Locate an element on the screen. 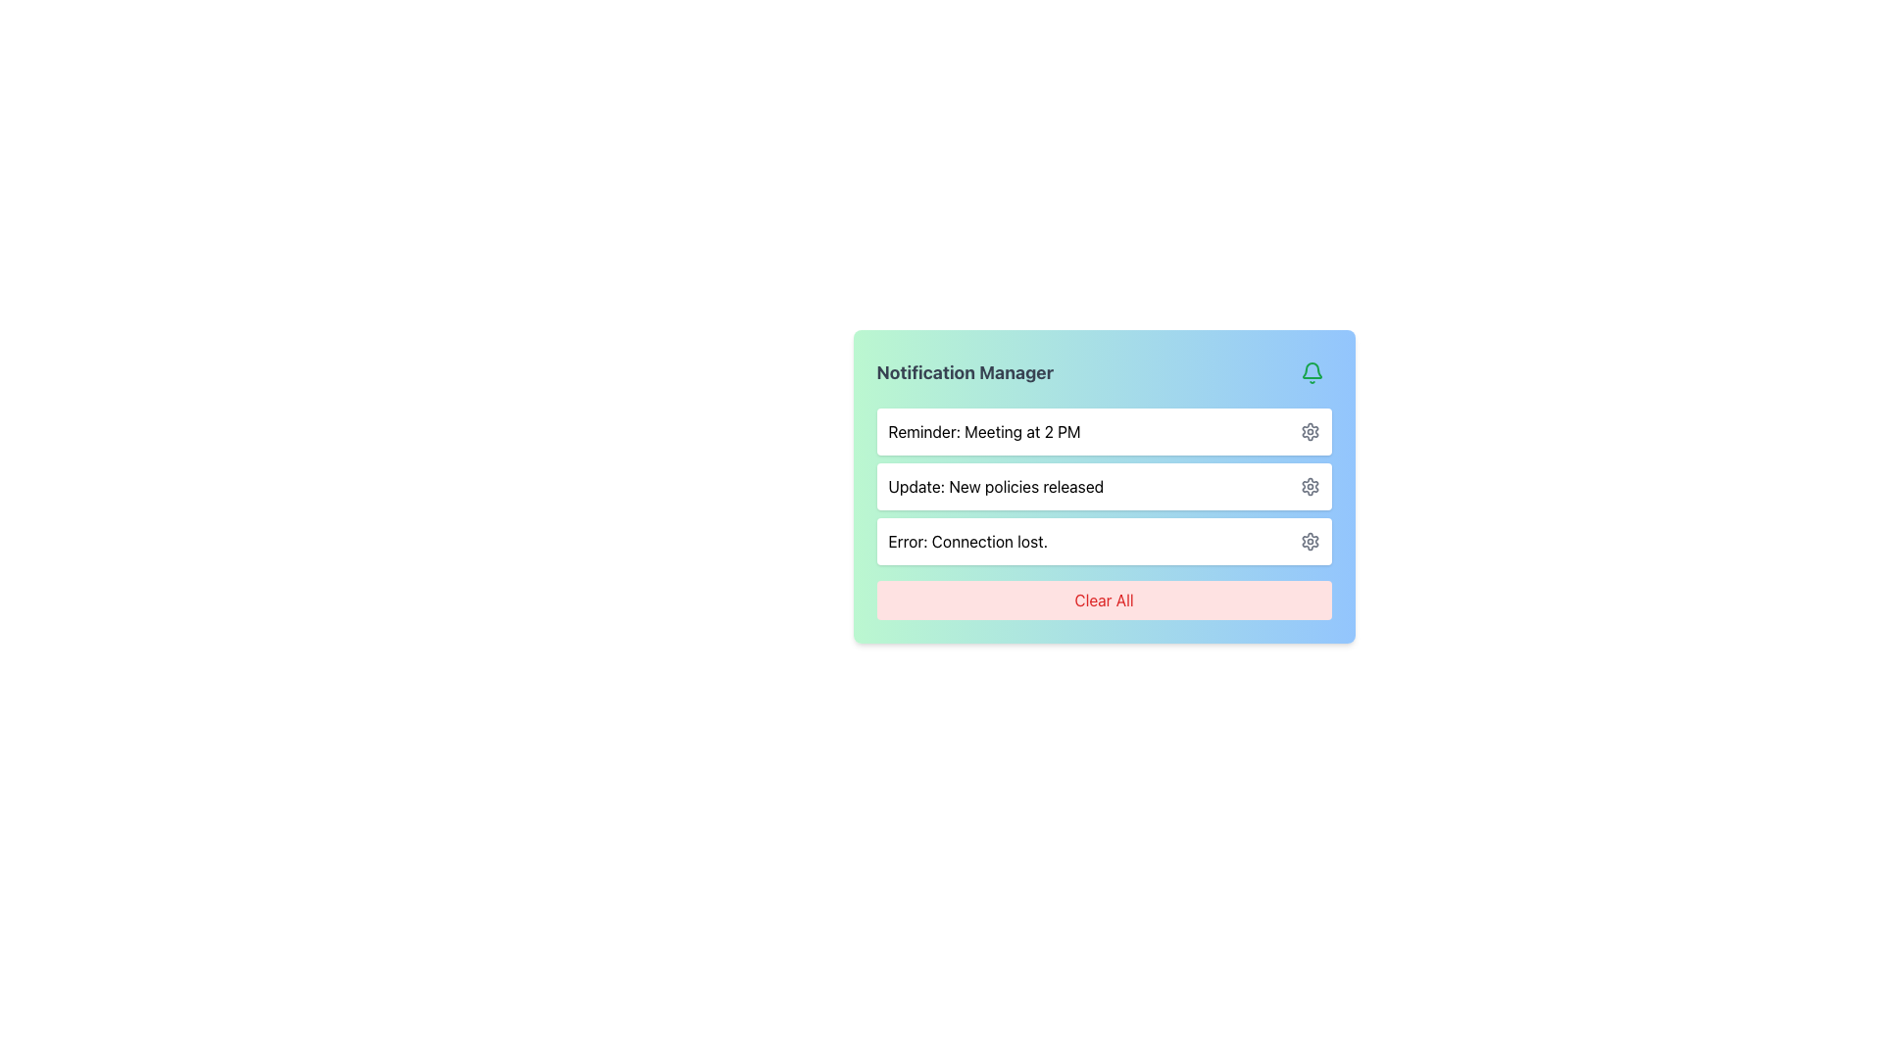 The image size is (1882, 1058). the small, rounded green button with a bell icon located at the top-right corner of the notification manager's header bar to interact with it is located at coordinates (1312, 373).